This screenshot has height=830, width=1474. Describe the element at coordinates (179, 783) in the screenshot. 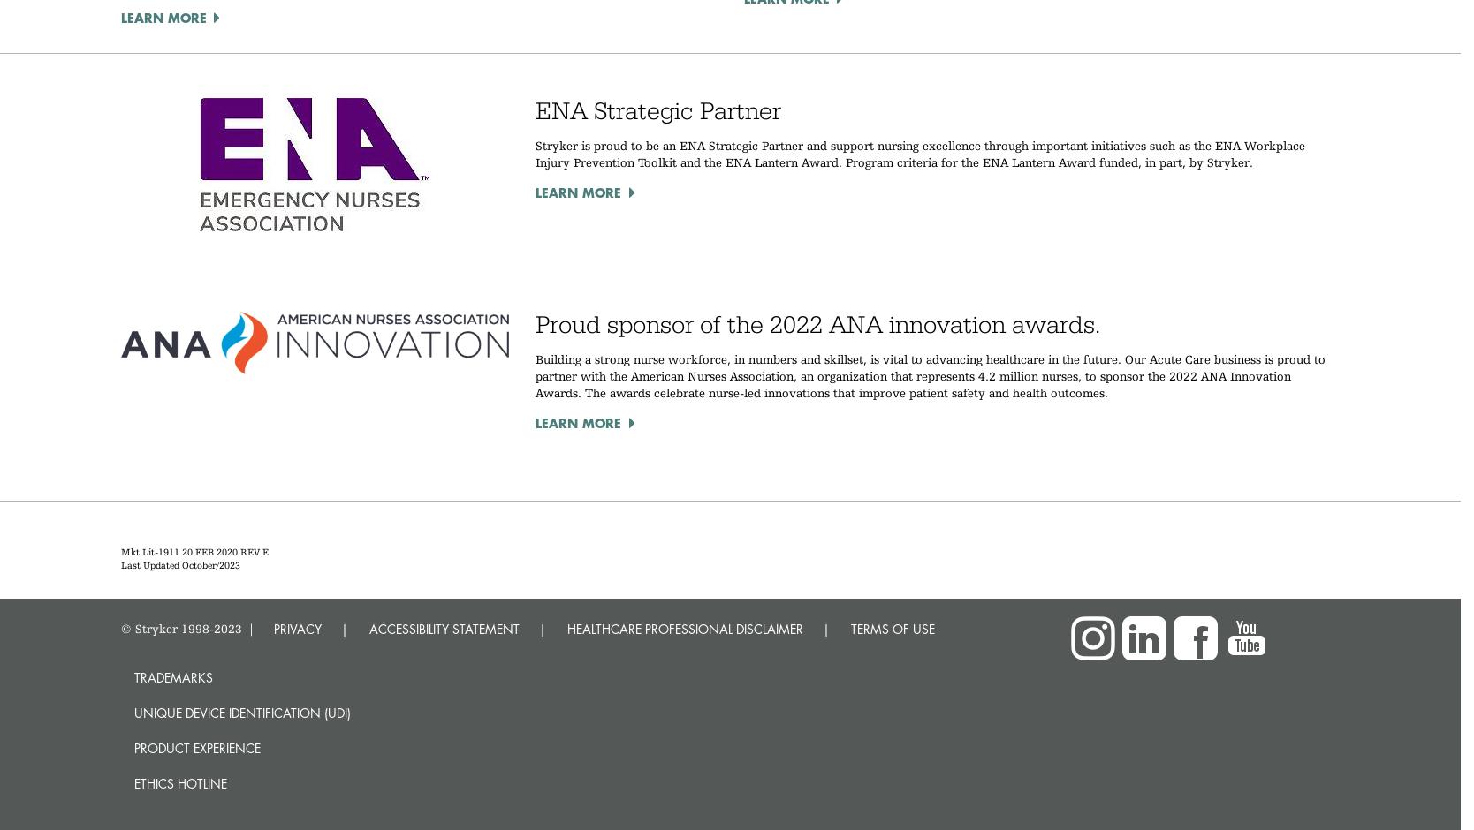

I see `'Ethics hotline'` at that location.